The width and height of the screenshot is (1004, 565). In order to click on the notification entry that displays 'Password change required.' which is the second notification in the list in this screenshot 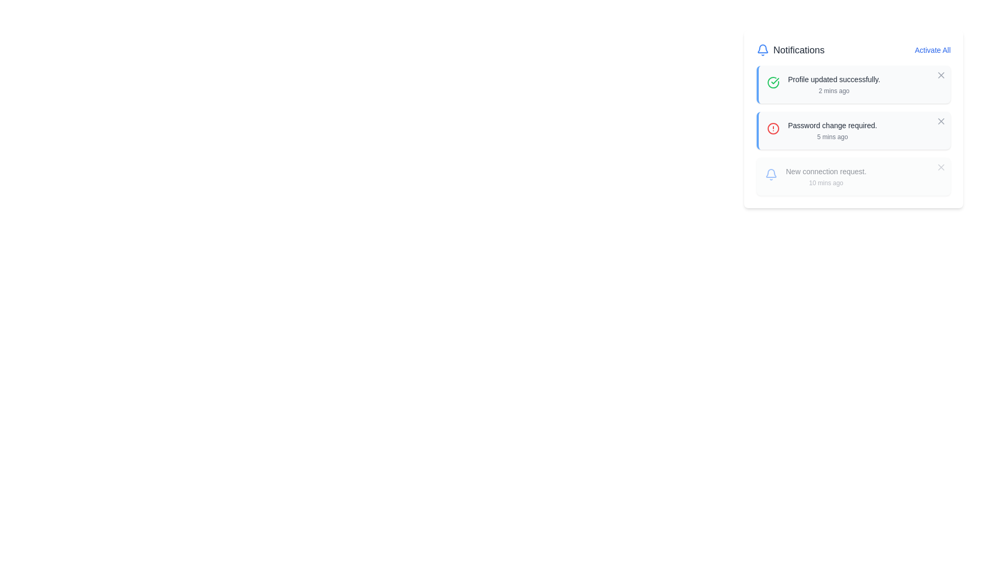, I will do `click(832, 130)`.